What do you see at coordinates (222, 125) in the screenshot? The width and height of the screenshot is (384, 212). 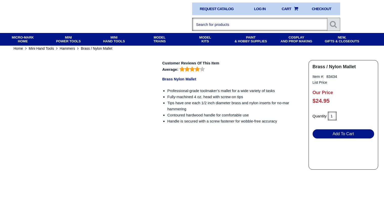 I see `'Handle is secured with a screw fastener for wobble-free accuracy'` at bounding box center [222, 125].